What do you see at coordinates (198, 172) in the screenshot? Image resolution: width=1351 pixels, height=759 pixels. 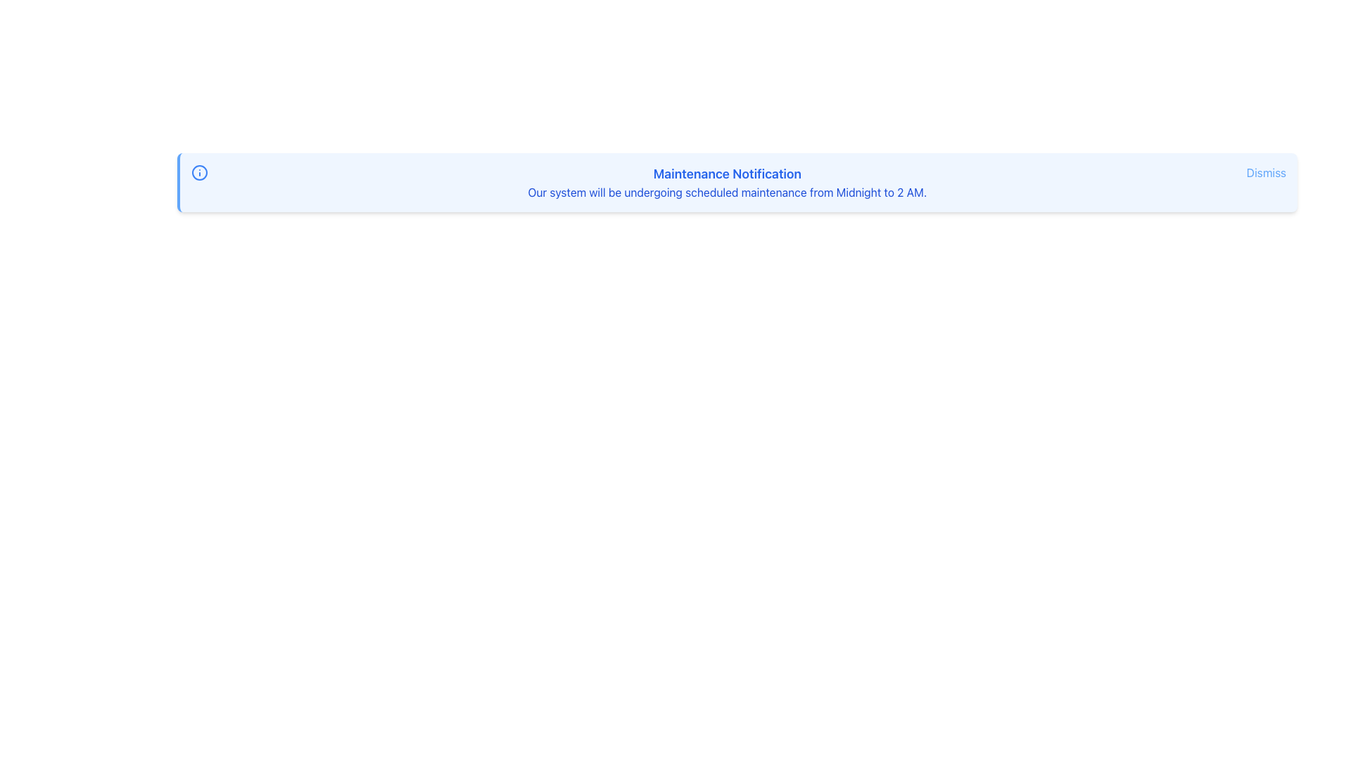 I see `the central circular component of the blue informational icon located at the far-left side of the horizontal notification bar near the upper section of the interface` at bounding box center [198, 172].